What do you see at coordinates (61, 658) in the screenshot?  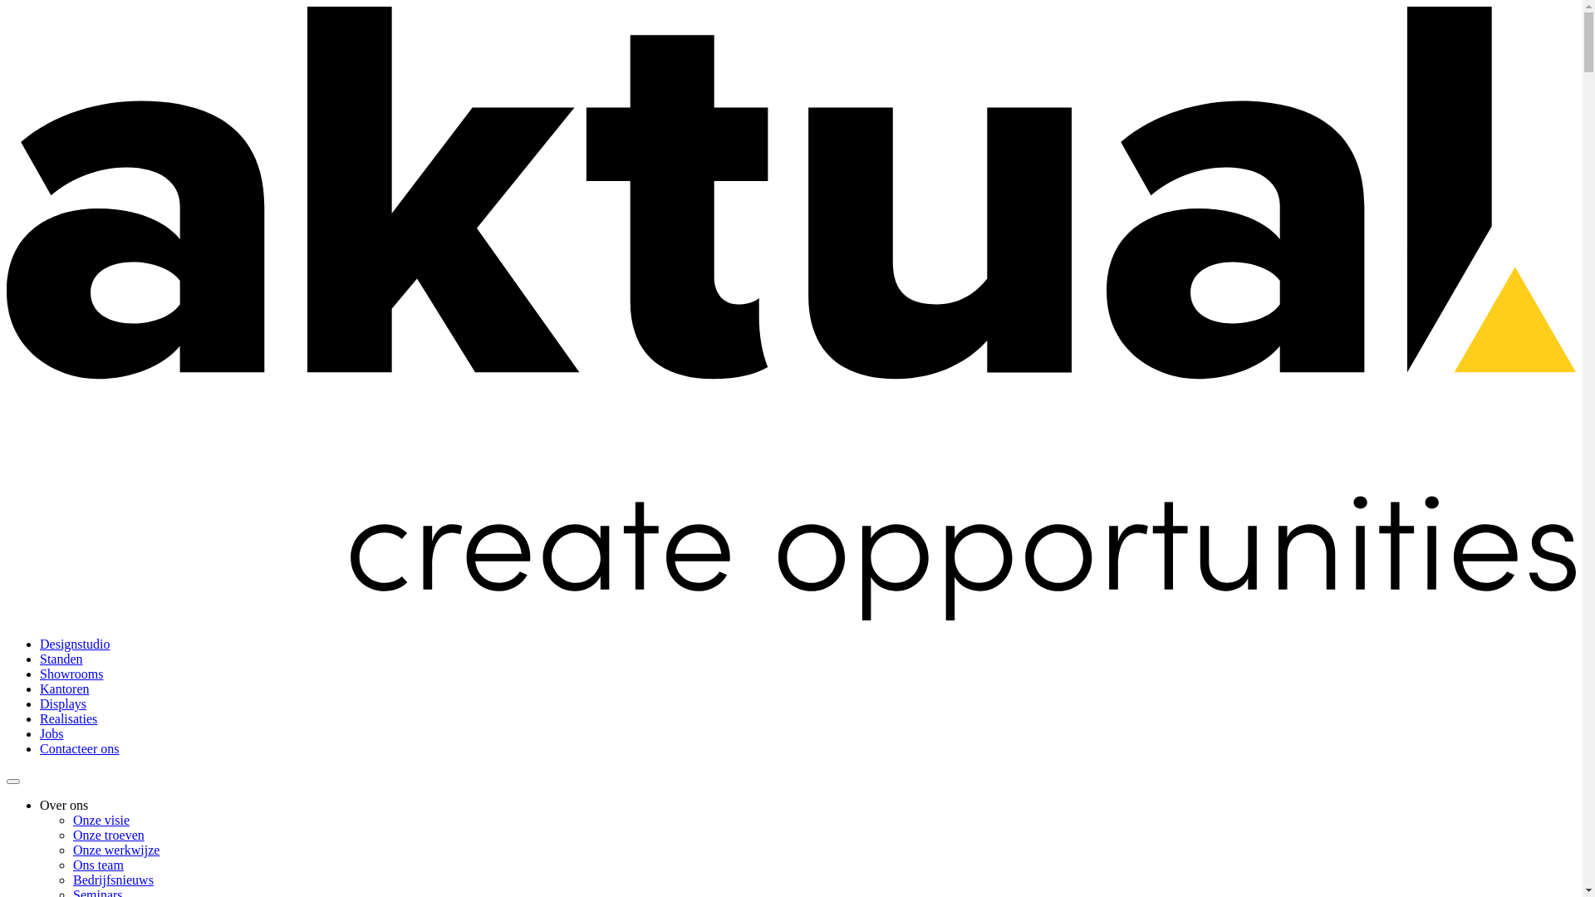 I see `'Standen'` at bounding box center [61, 658].